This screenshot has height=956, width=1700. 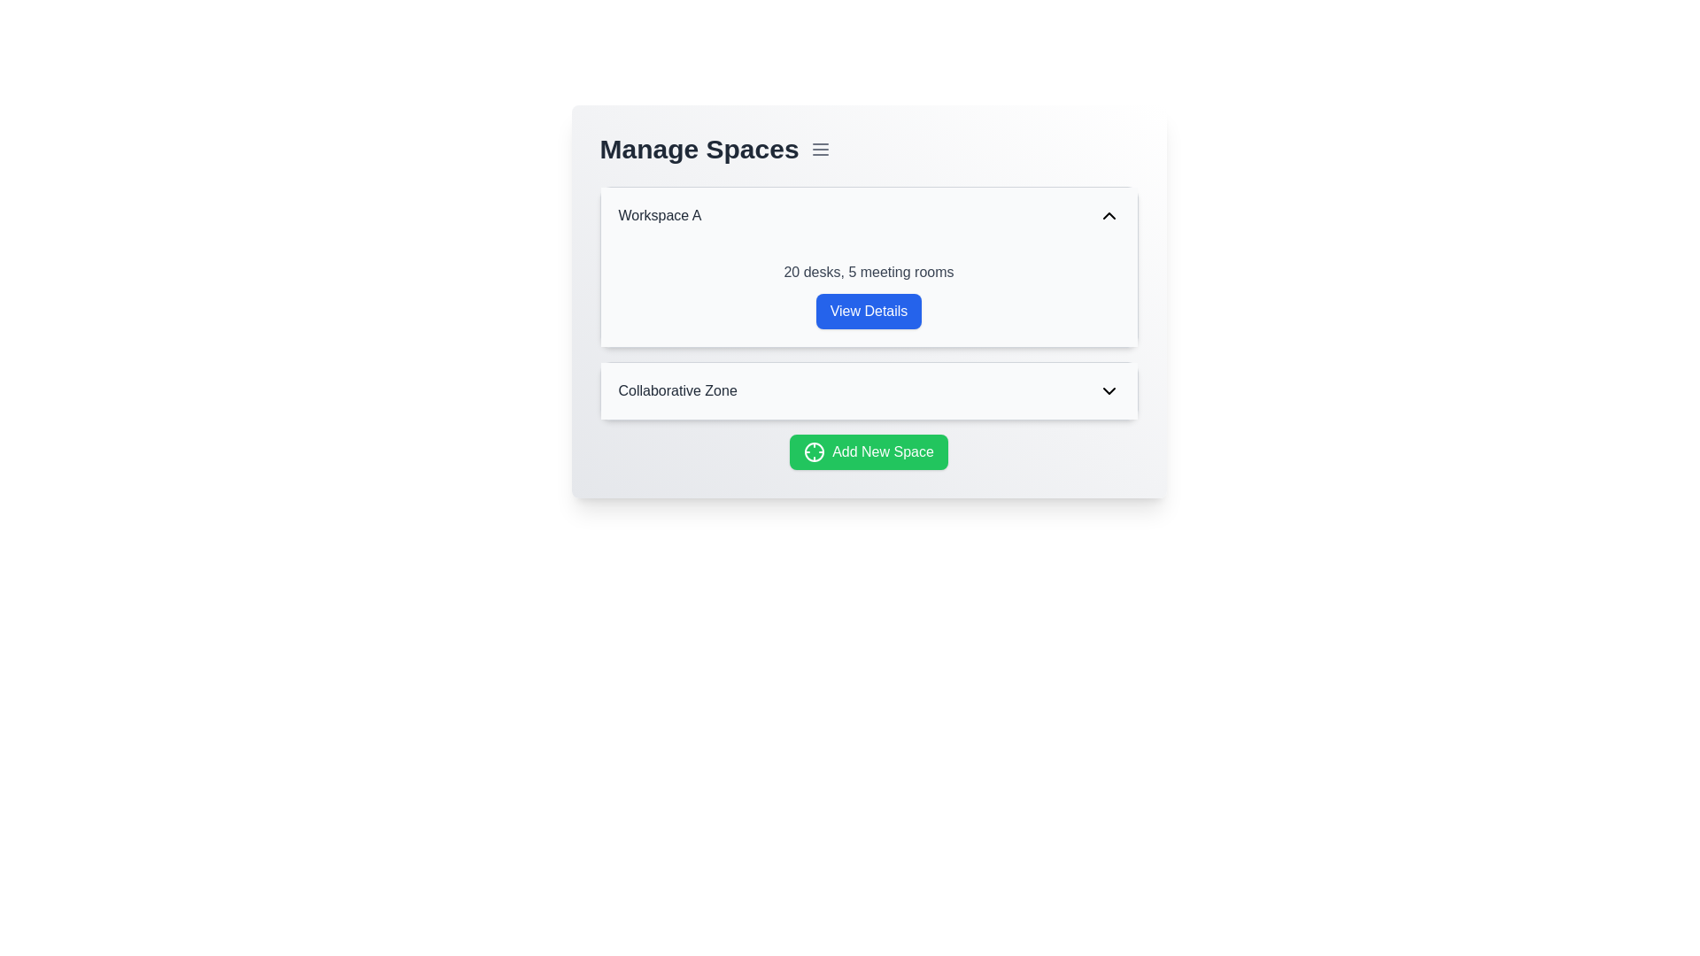 What do you see at coordinates (814, 451) in the screenshot?
I see `the central SVG circle graphic, which is the main component of a crosshair icon` at bounding box center [814, 451].